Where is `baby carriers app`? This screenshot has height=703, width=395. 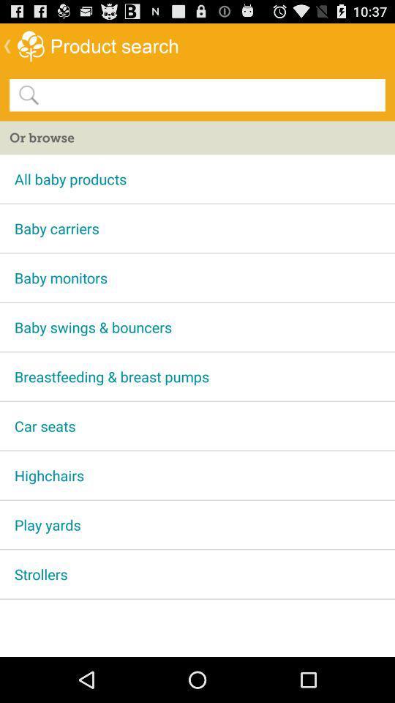
baby carriers app is located at coordinates (197, 228).